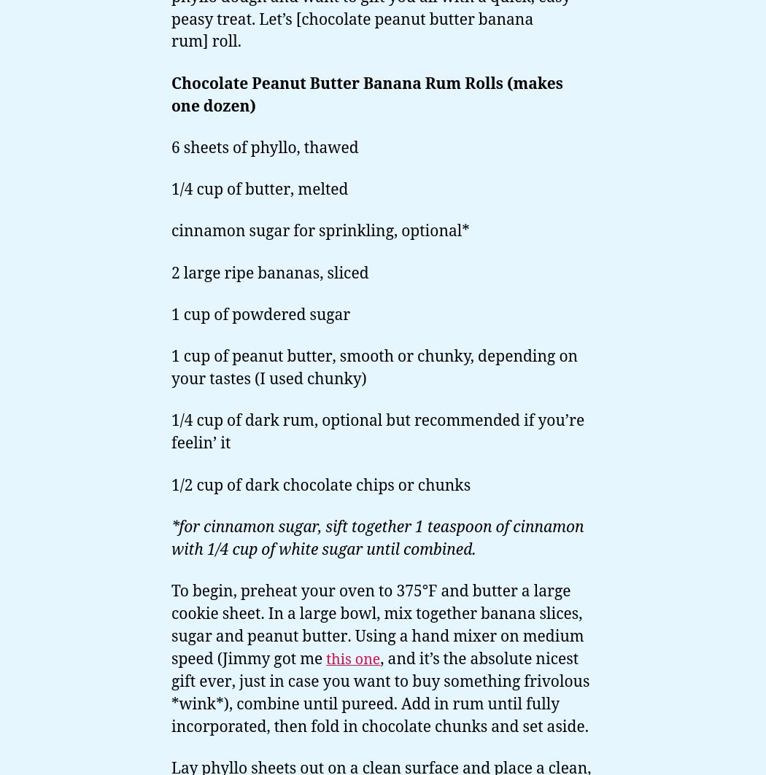 The height and width of the screenshot is (775, 766). I want to click on 'Ice Cream', so click(28, 224).